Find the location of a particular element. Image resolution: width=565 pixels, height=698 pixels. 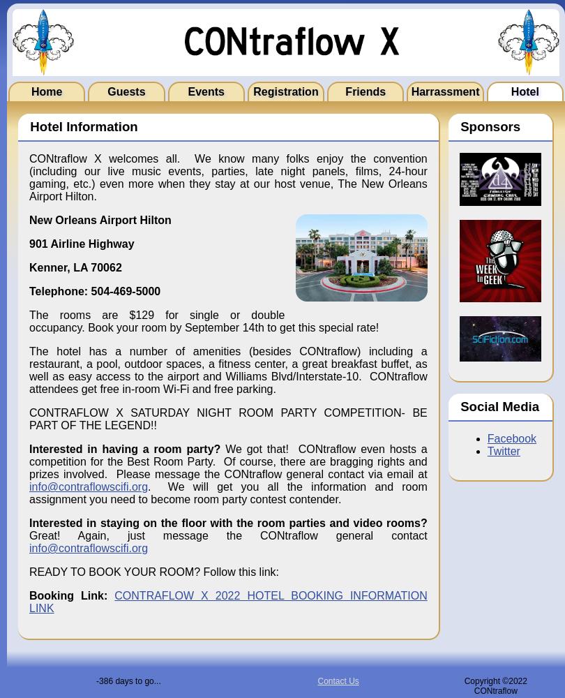

'Booking Link:' is located at coordinates (29, 595).